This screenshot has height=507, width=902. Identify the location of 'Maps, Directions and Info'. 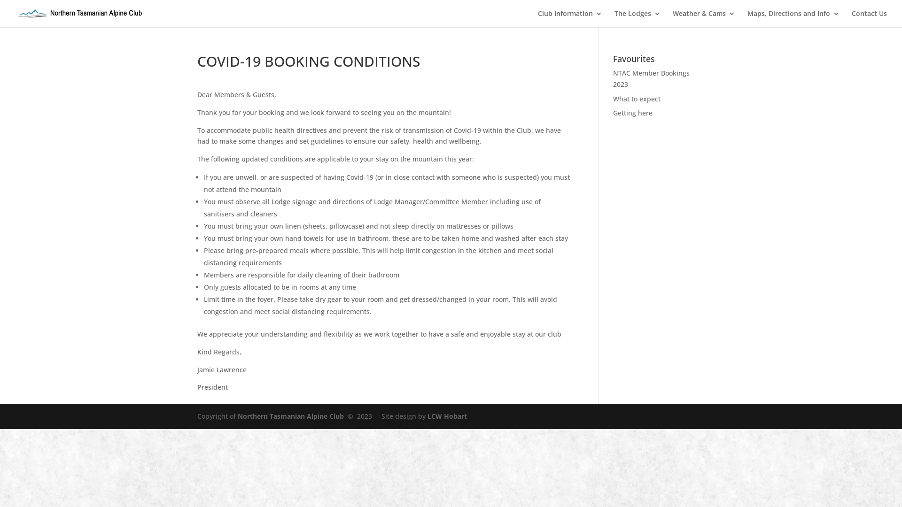
(793, 18).